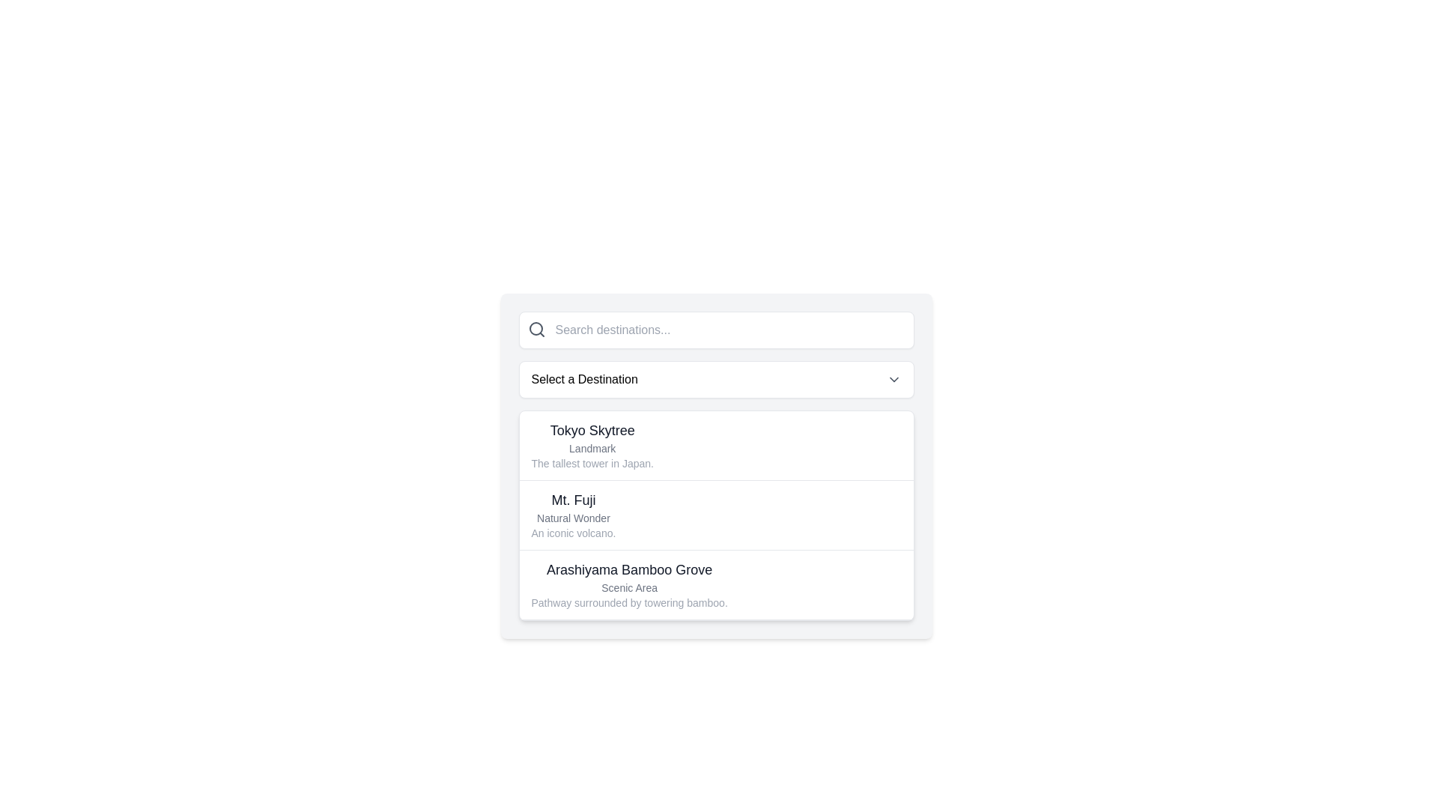  What do you see at coordinates (715, 515) in the screenshot?
I see `the second row of the destination list item labeled 'Mt. Fuji'` at bounding box center [715, 515].